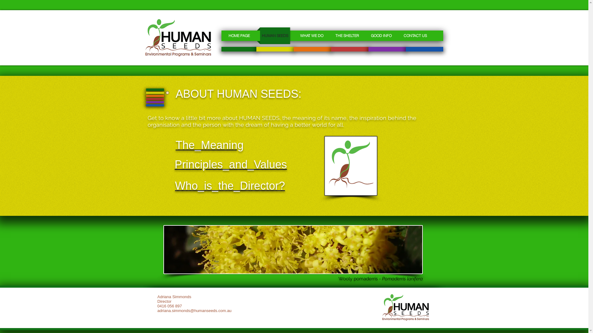 This screenshot has width=593, height=333. I want to click on 'HUMAN SEEDS', so click(275, 35).